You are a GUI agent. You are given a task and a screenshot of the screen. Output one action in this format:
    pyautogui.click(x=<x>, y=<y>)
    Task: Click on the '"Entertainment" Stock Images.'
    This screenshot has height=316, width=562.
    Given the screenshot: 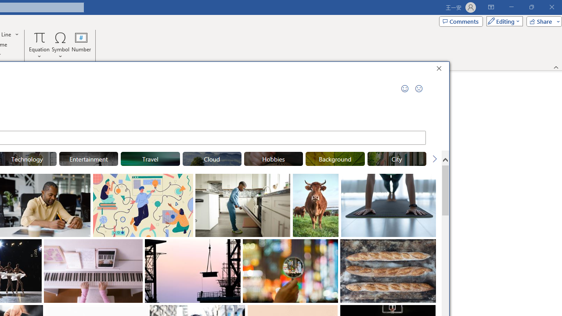 What is the action you would take?
    pyautogui.click(x=88, y=159)
    